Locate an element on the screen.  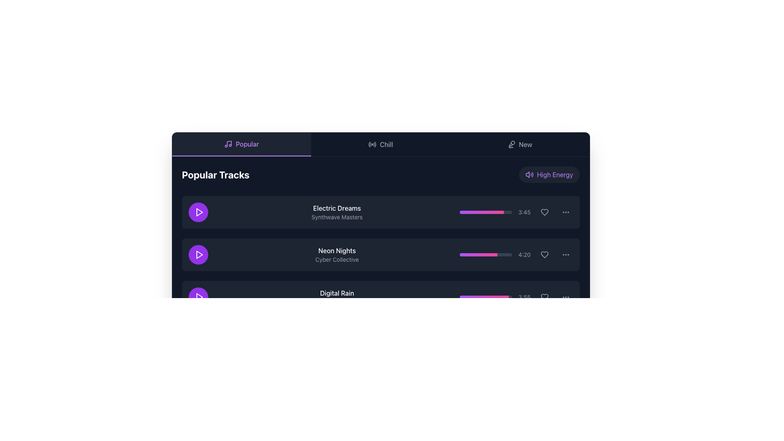
filled portion of the progress indicator for the track 'Neon Nights' located in the second progress bar under the 'Popular Tracks' section is located at coordinates (478, 254).